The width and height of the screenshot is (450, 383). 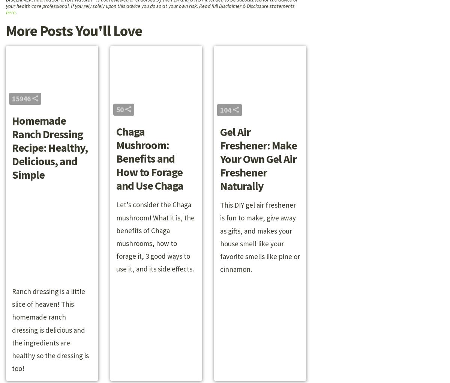 What do you see at coordinates (116, 109) in the screenshot?
I see `'50'` at bounding box center [116, 109].